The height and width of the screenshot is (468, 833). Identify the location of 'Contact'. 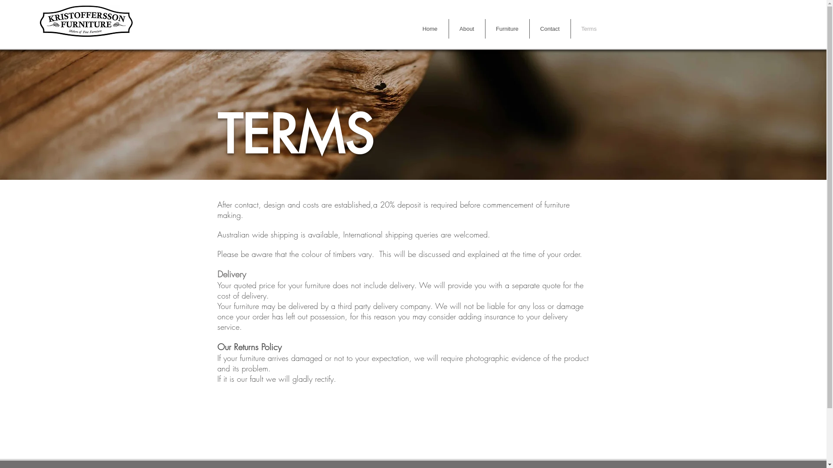
(528, 28).